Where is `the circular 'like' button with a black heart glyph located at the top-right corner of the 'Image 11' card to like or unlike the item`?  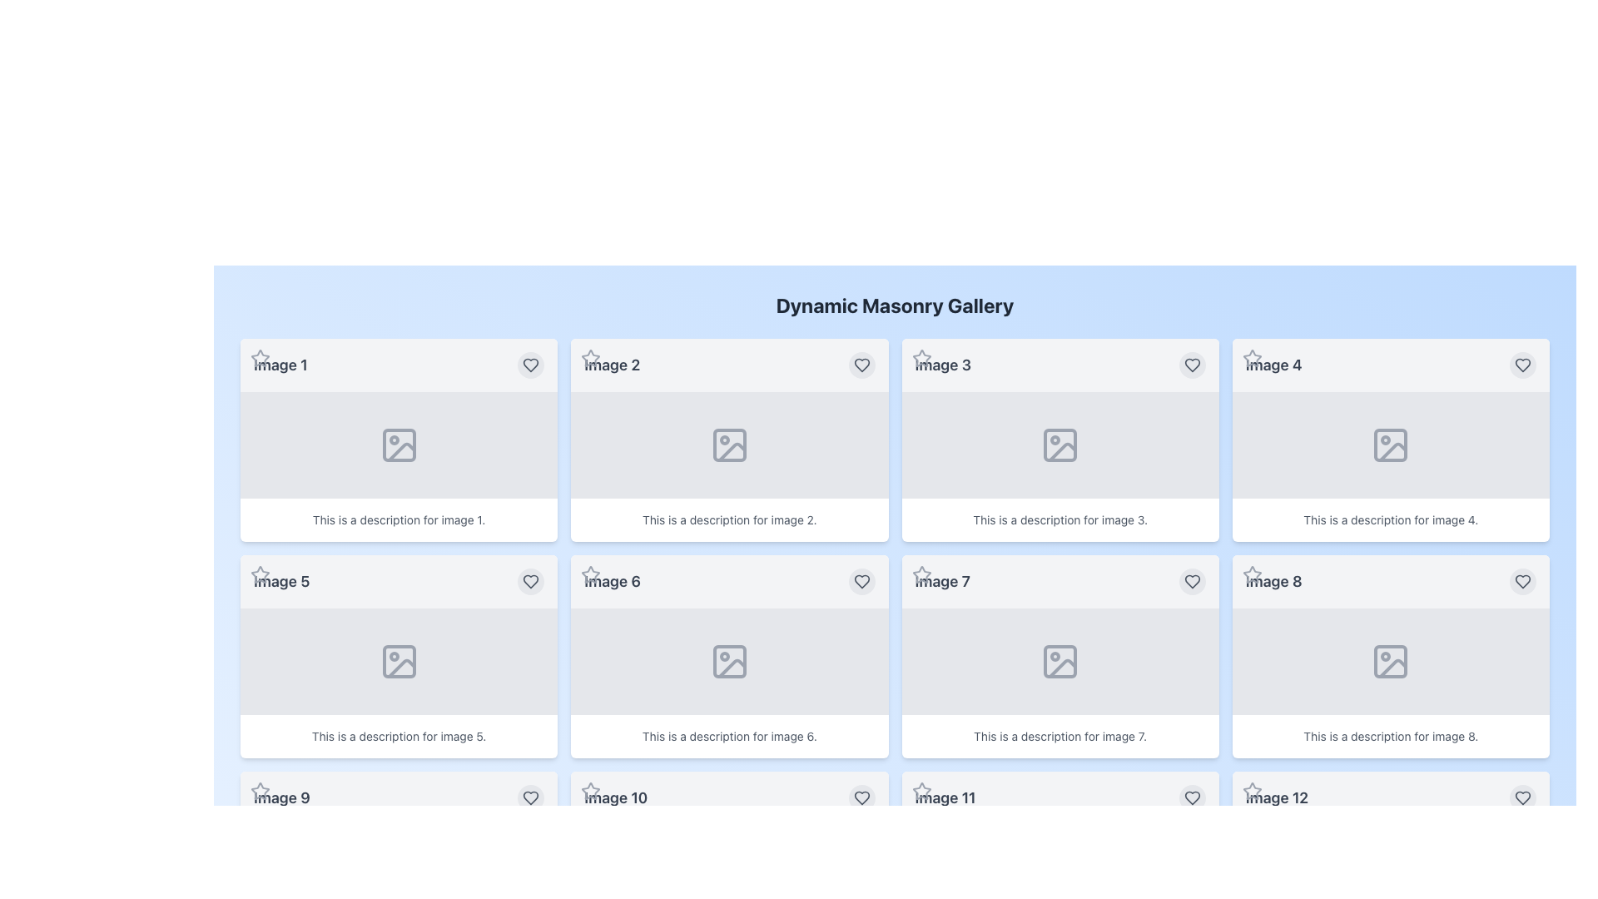 the circular 'like' button with a black heart glyph located at the top-right corner of the 'Image 11' card to like or unlike the item is located at coordinates (1191, 797).